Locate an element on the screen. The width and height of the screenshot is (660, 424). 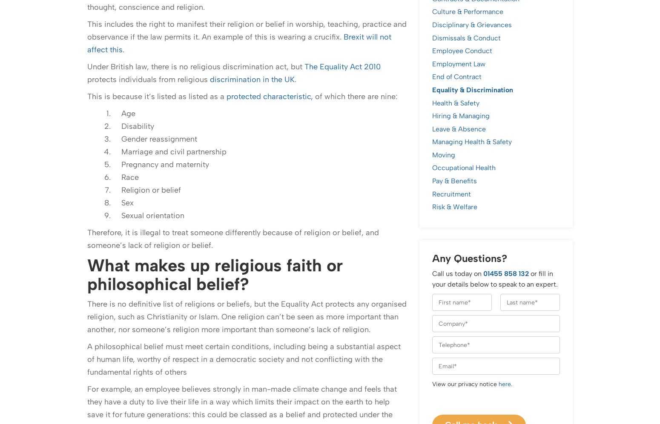
'Slavery and Human
                                Trafficking Statement' is located at coordinates (253, 407).